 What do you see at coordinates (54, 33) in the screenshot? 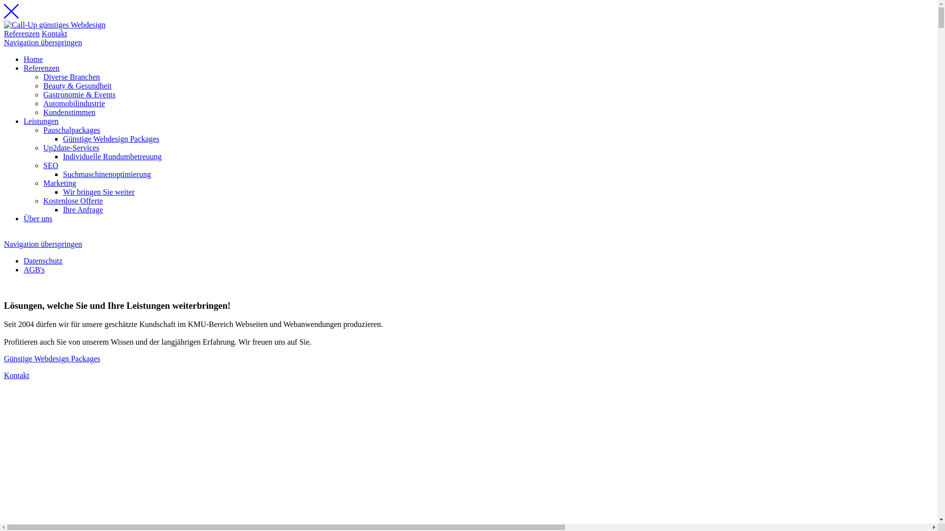
I see `'Kontakt'` at bounding box center [54, 33].